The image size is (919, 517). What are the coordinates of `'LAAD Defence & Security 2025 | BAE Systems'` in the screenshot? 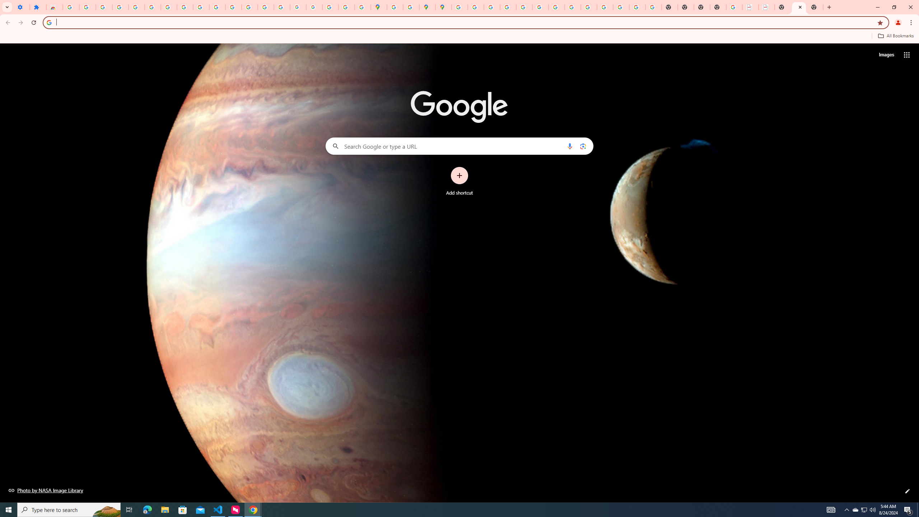 It's located at (750, 7).